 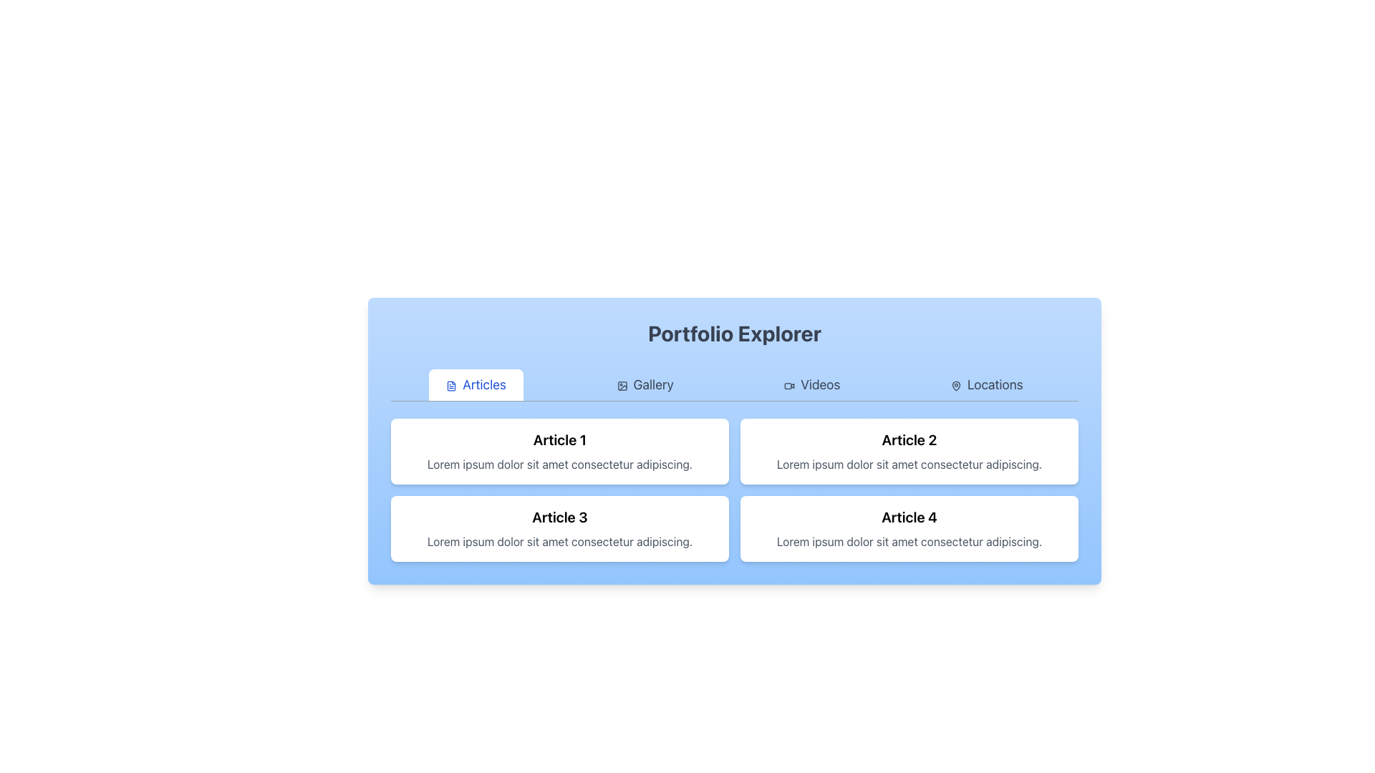 What do you see at coordinates (909, 529) in the screenshot?
I see `the card titled 'Article 4' which contains a bold headline and a supporting description, located in the second column of the second row under 'Portfolio Explorer' in the 'Articles' tab` at bounding box center [909, 529].